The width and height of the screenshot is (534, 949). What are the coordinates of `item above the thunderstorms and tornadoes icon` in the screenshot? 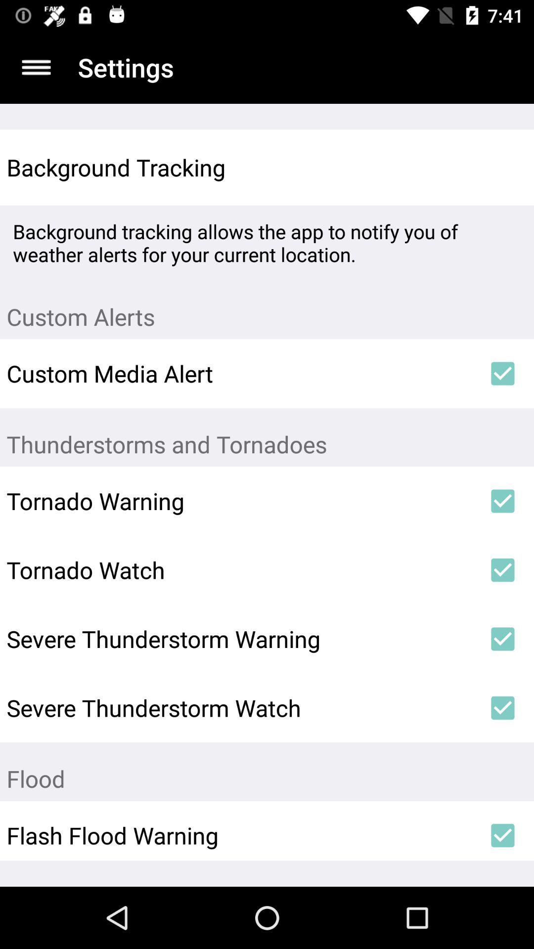 It's located at (503, 373).